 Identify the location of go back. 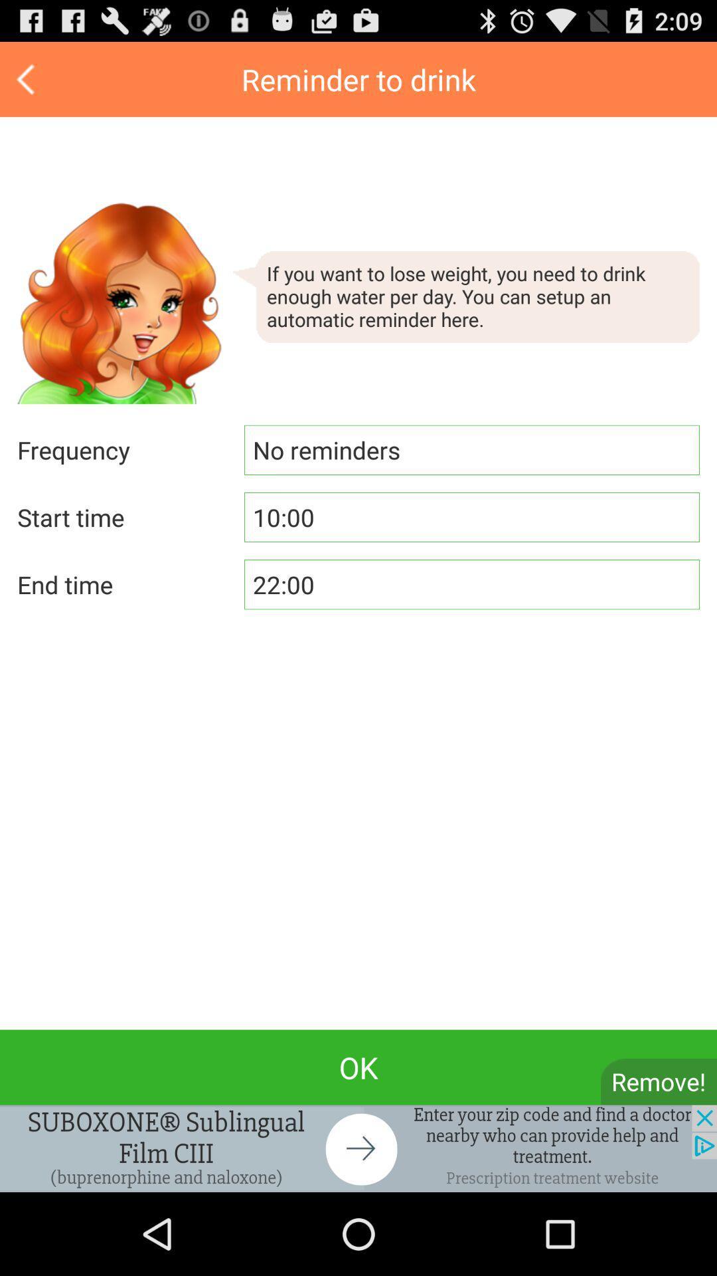
(27, 78).